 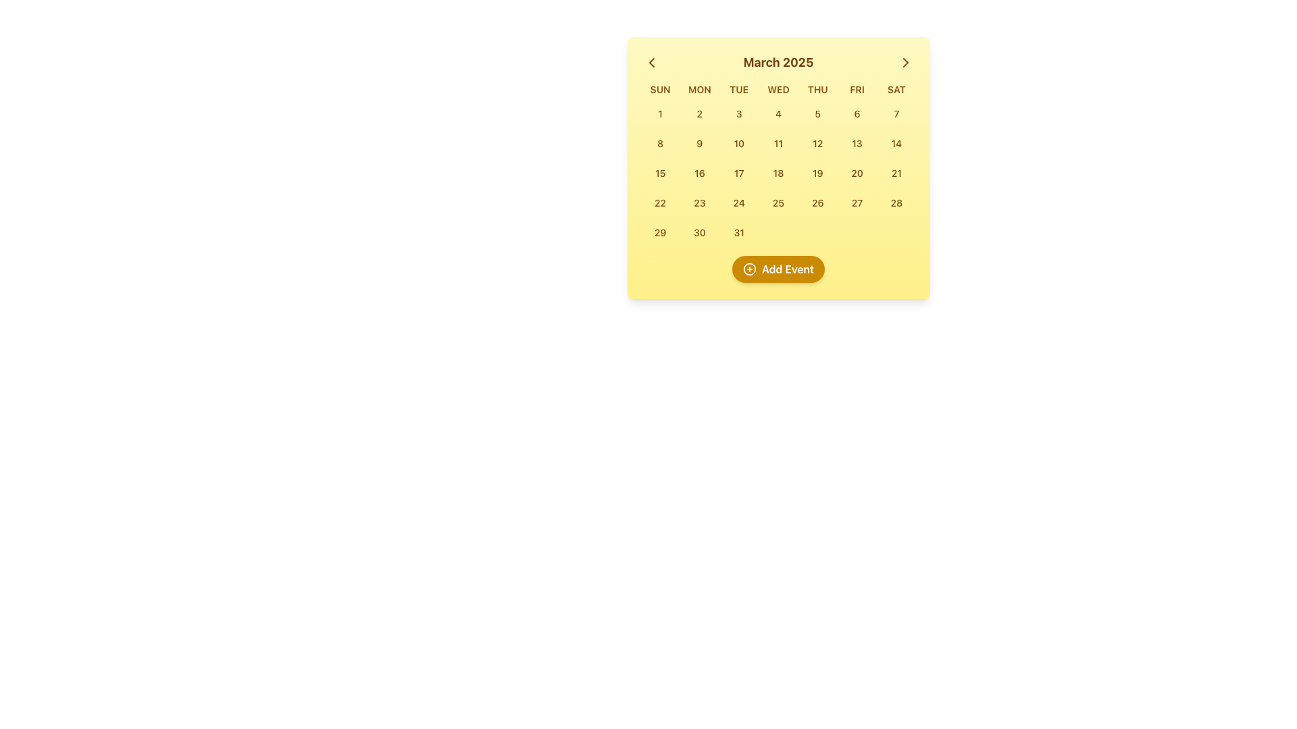 I want to click on the calendar day cell displaying the number '4' with a yellow background in the March 2025 calendar grid, so click(x=778, y=113).